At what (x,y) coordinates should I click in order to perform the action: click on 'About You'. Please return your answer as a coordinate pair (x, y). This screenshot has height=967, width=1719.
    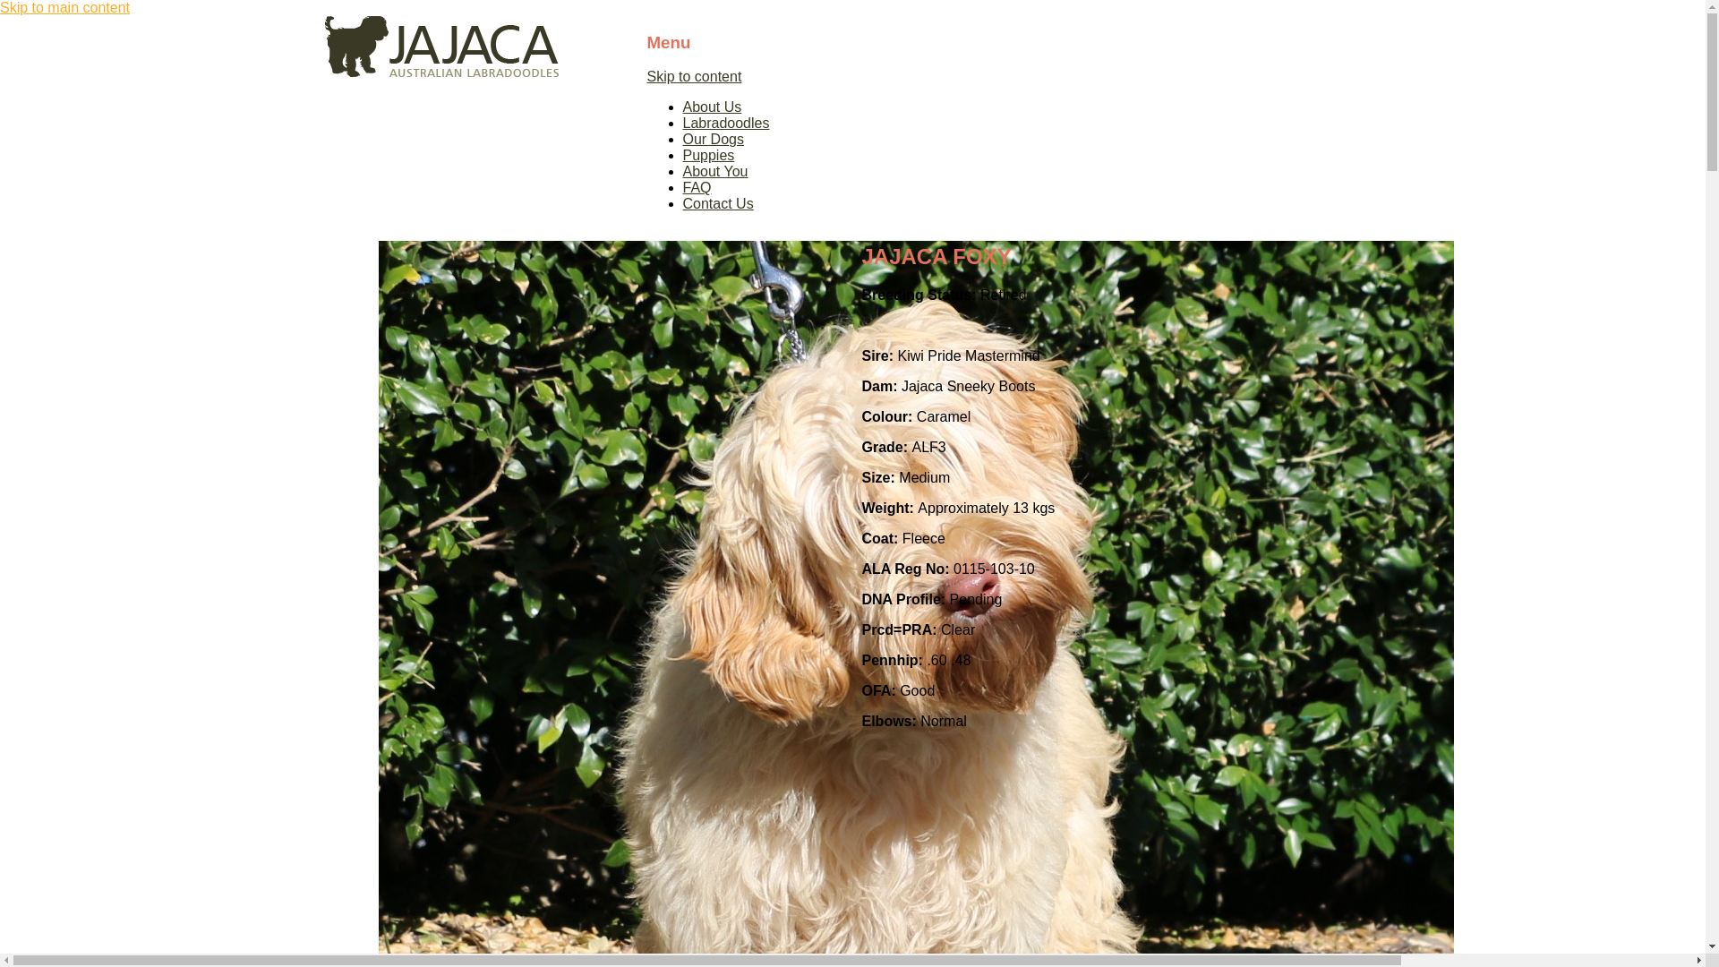
    Looking at the image, I should click on (714, 171).